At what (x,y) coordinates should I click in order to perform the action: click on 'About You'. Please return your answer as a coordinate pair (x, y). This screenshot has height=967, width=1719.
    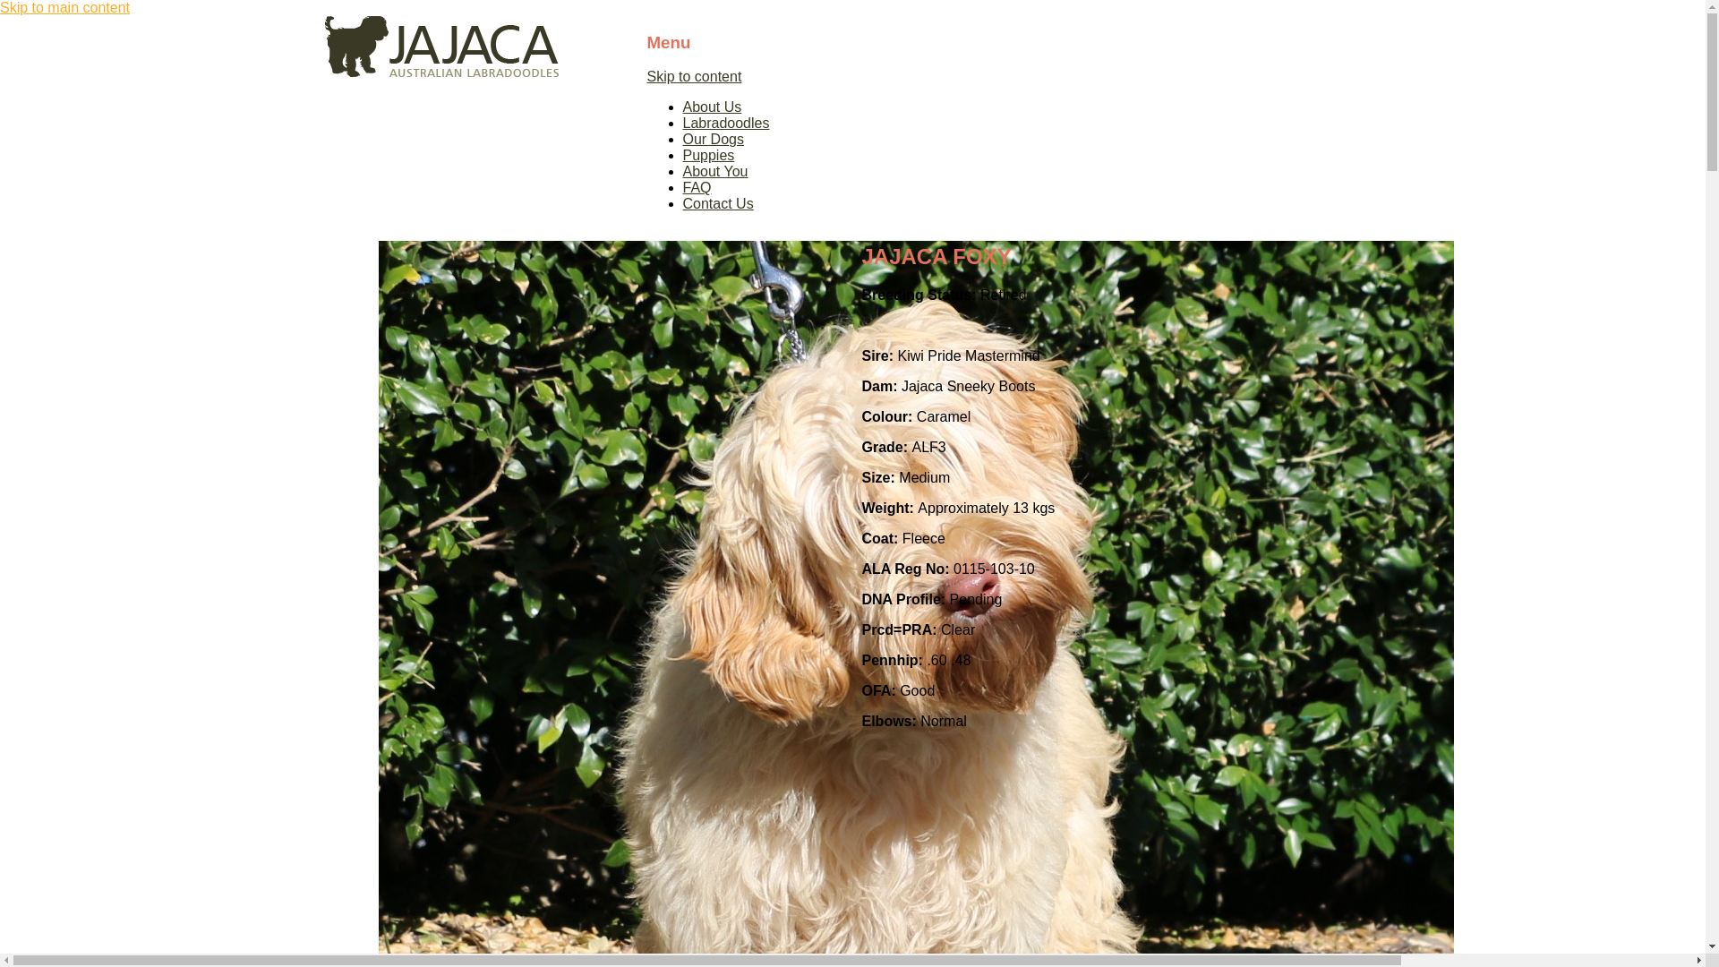
    Looking at the image, I should click on (714, 171).